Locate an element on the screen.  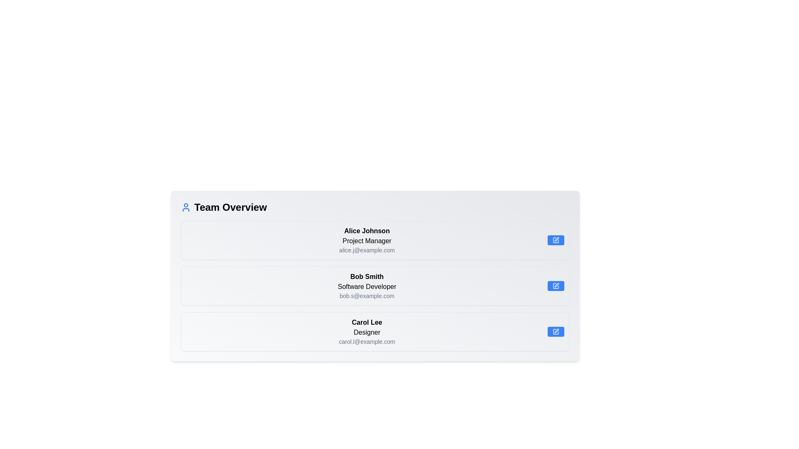
the edit icon button located in the top-right corner of the first card in the 'Team Overview' section associated with Alice Johnson, Project Manager is located at coordinates (556, 240).